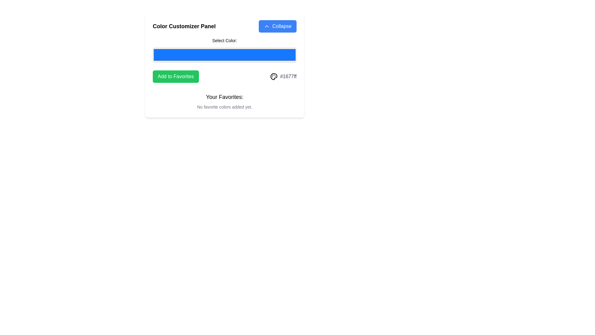 This screenshot has width=595, height=335. Describe the element at coordinates (224, 41) in the screenshot. I see `the text label displaying 'Select Color:' located in the Color Customizer Panel, which is aligned horizontally at the top part of the layout` at that location.